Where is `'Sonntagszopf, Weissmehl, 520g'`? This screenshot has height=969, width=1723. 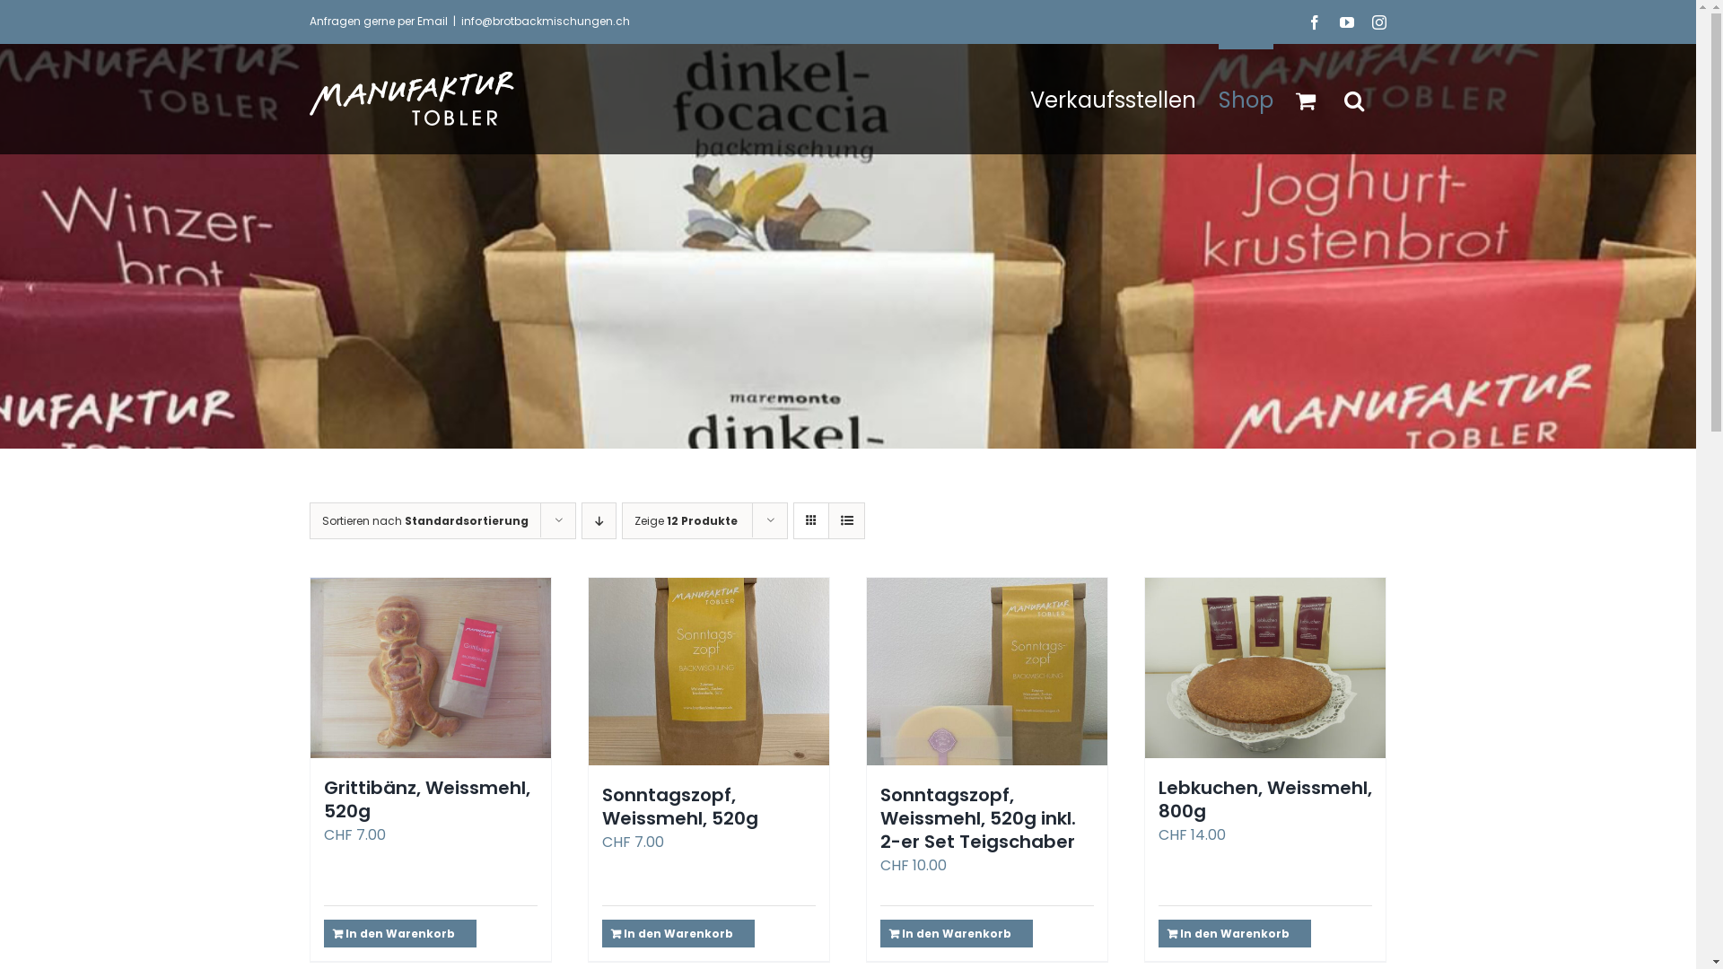
'Sonntagszopf, Weissmehl, 520g' is located at coordinates (602, 805).